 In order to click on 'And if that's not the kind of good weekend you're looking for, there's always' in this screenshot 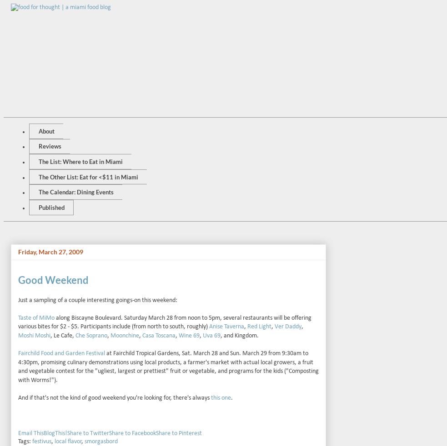, I will do `click(115, 398)`.